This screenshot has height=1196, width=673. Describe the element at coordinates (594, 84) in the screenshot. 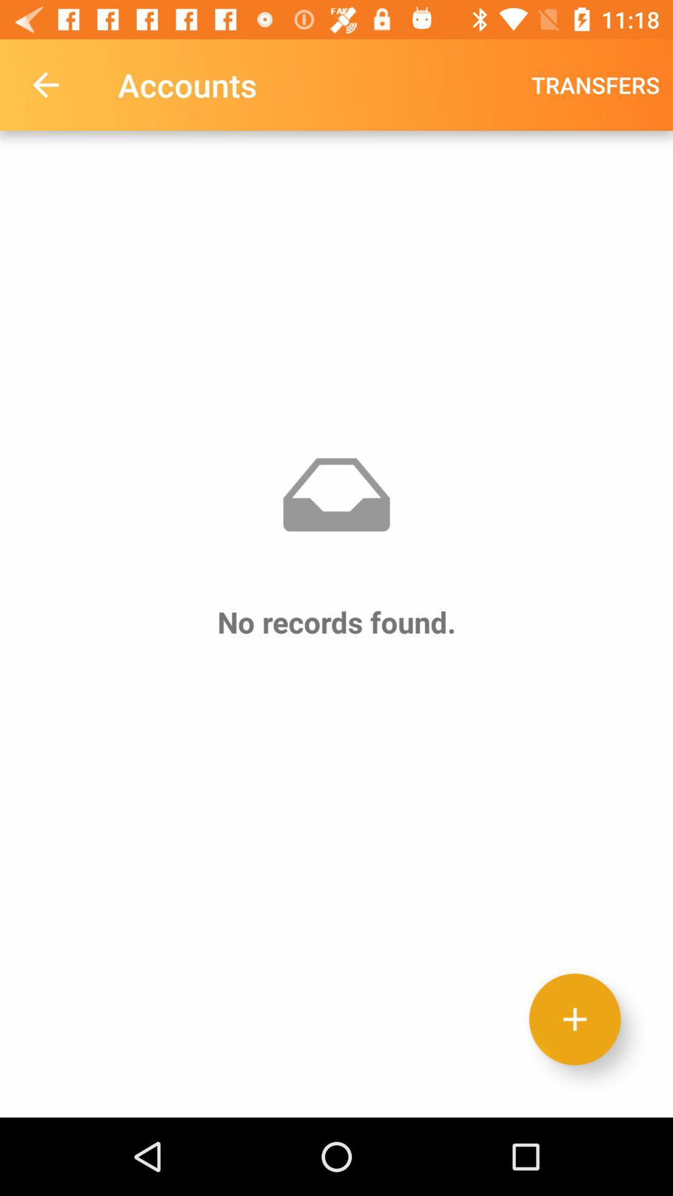

I see `the item to the right of the accounts item` at that location.